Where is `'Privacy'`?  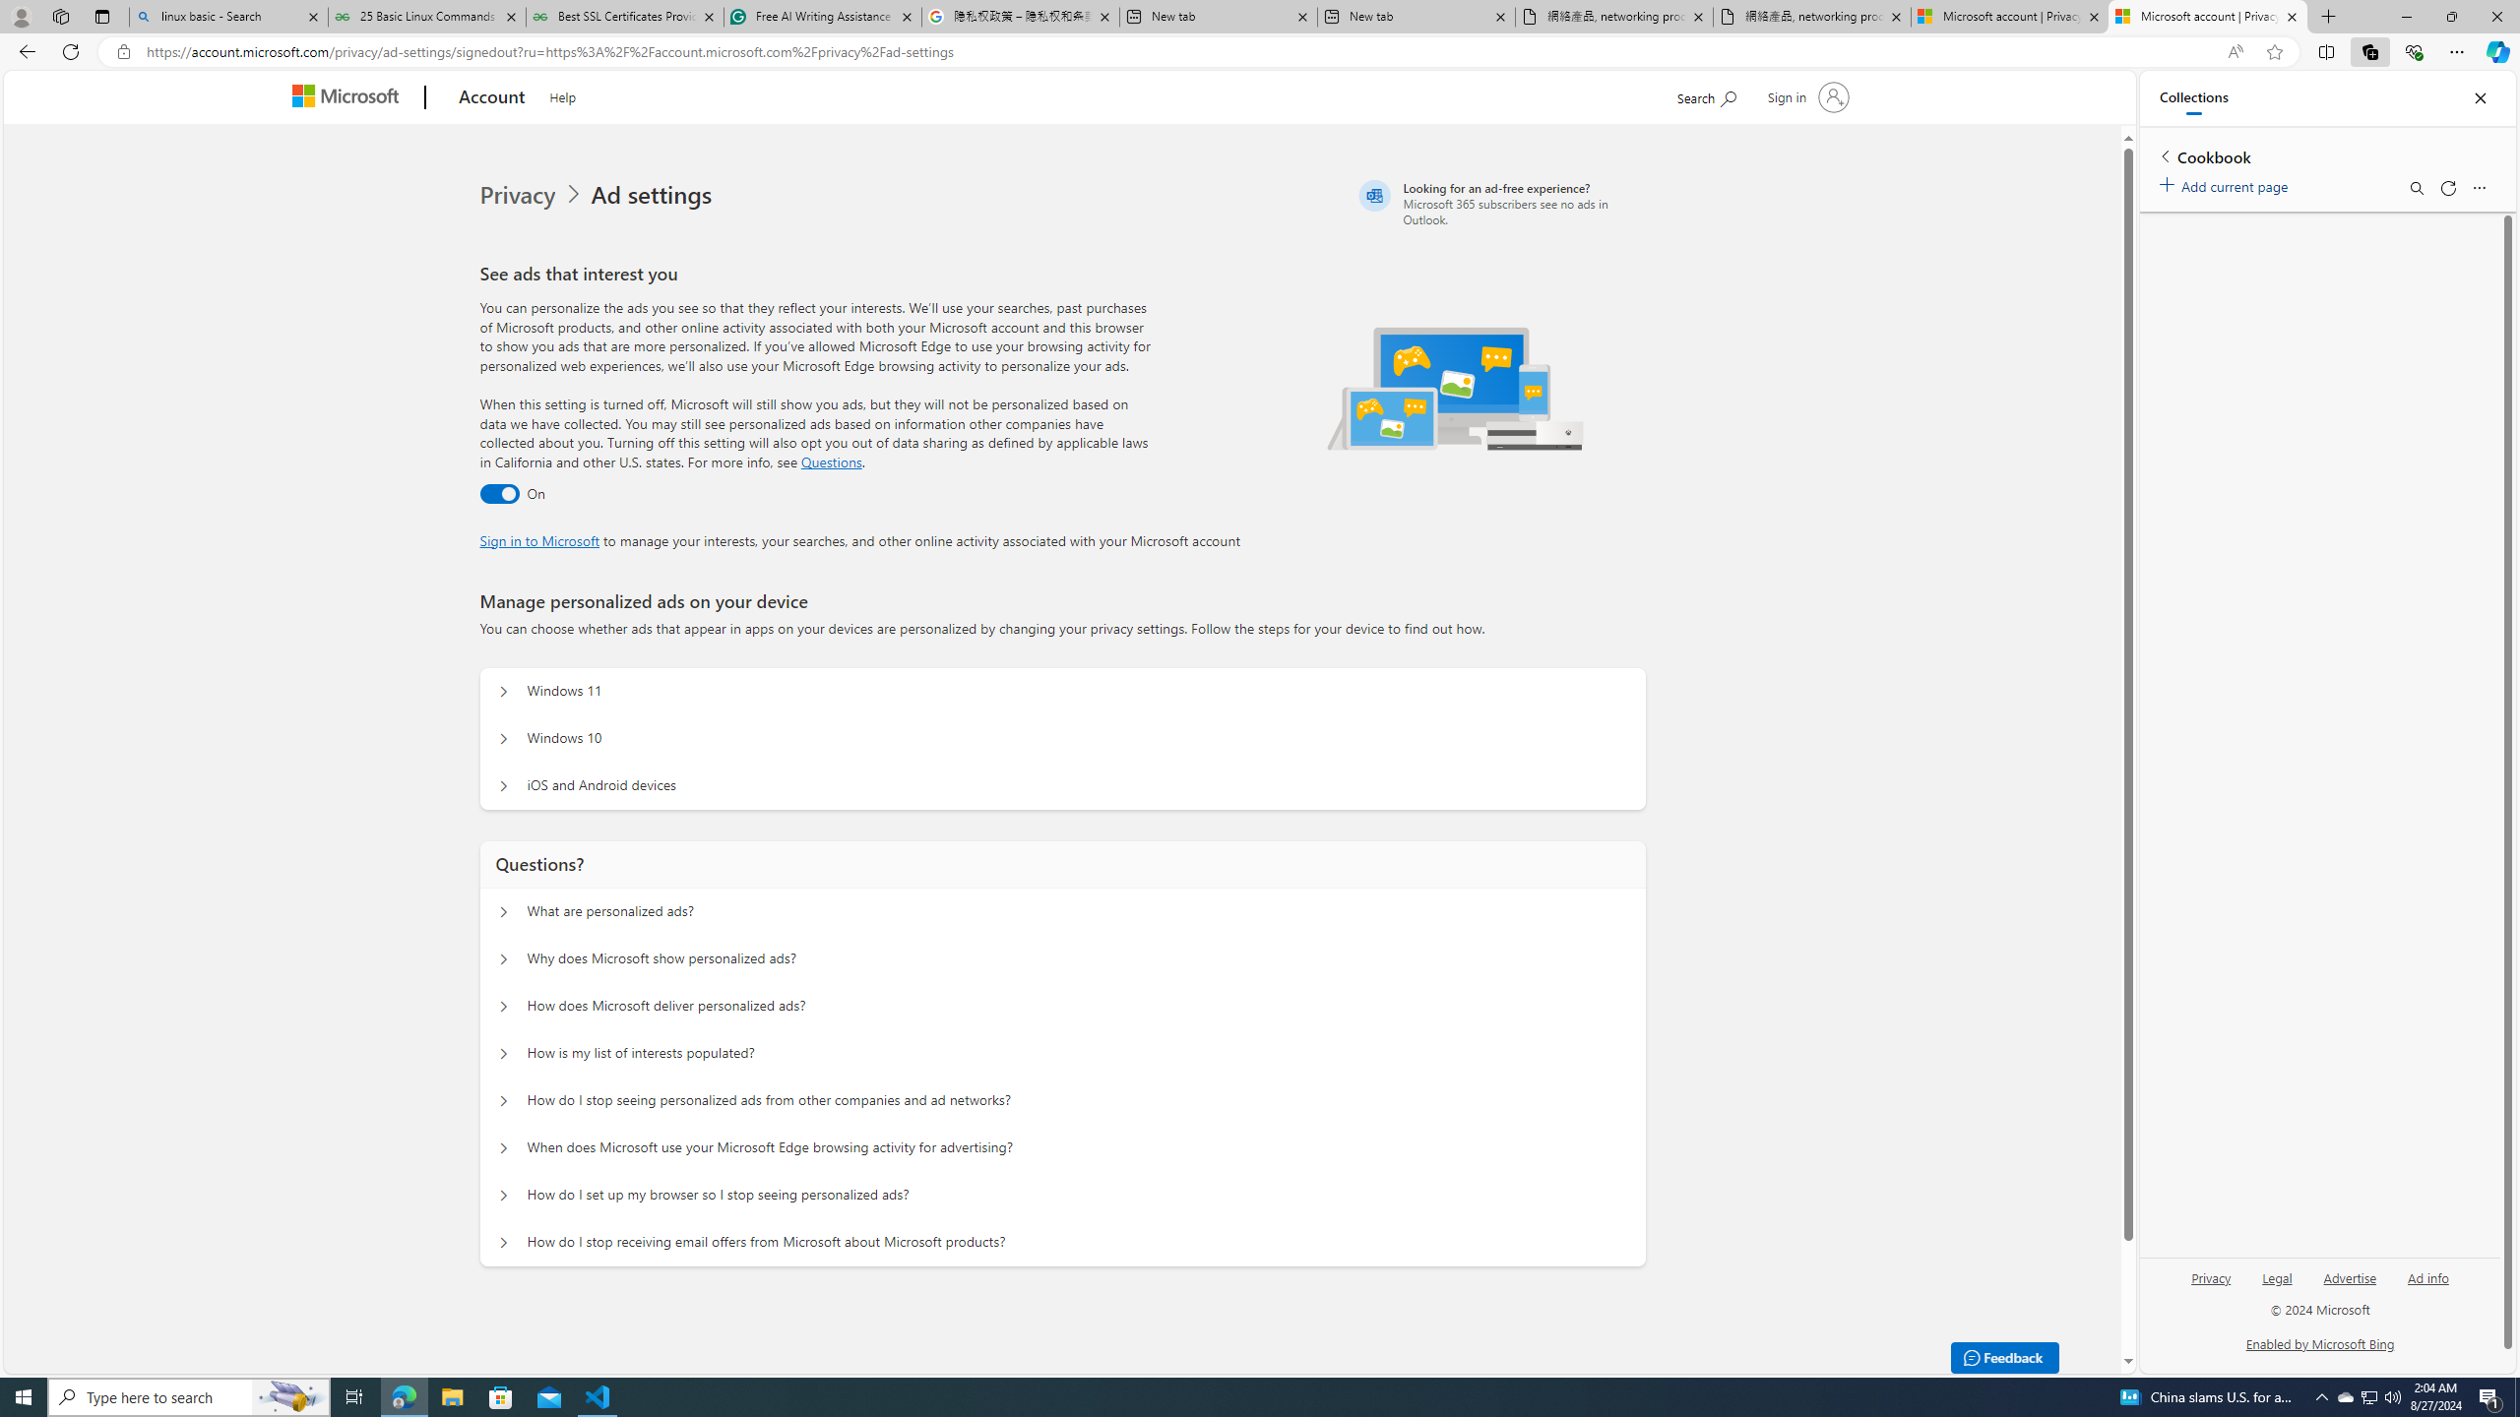
'Privacy' is located at coordinates (2211, 1277).